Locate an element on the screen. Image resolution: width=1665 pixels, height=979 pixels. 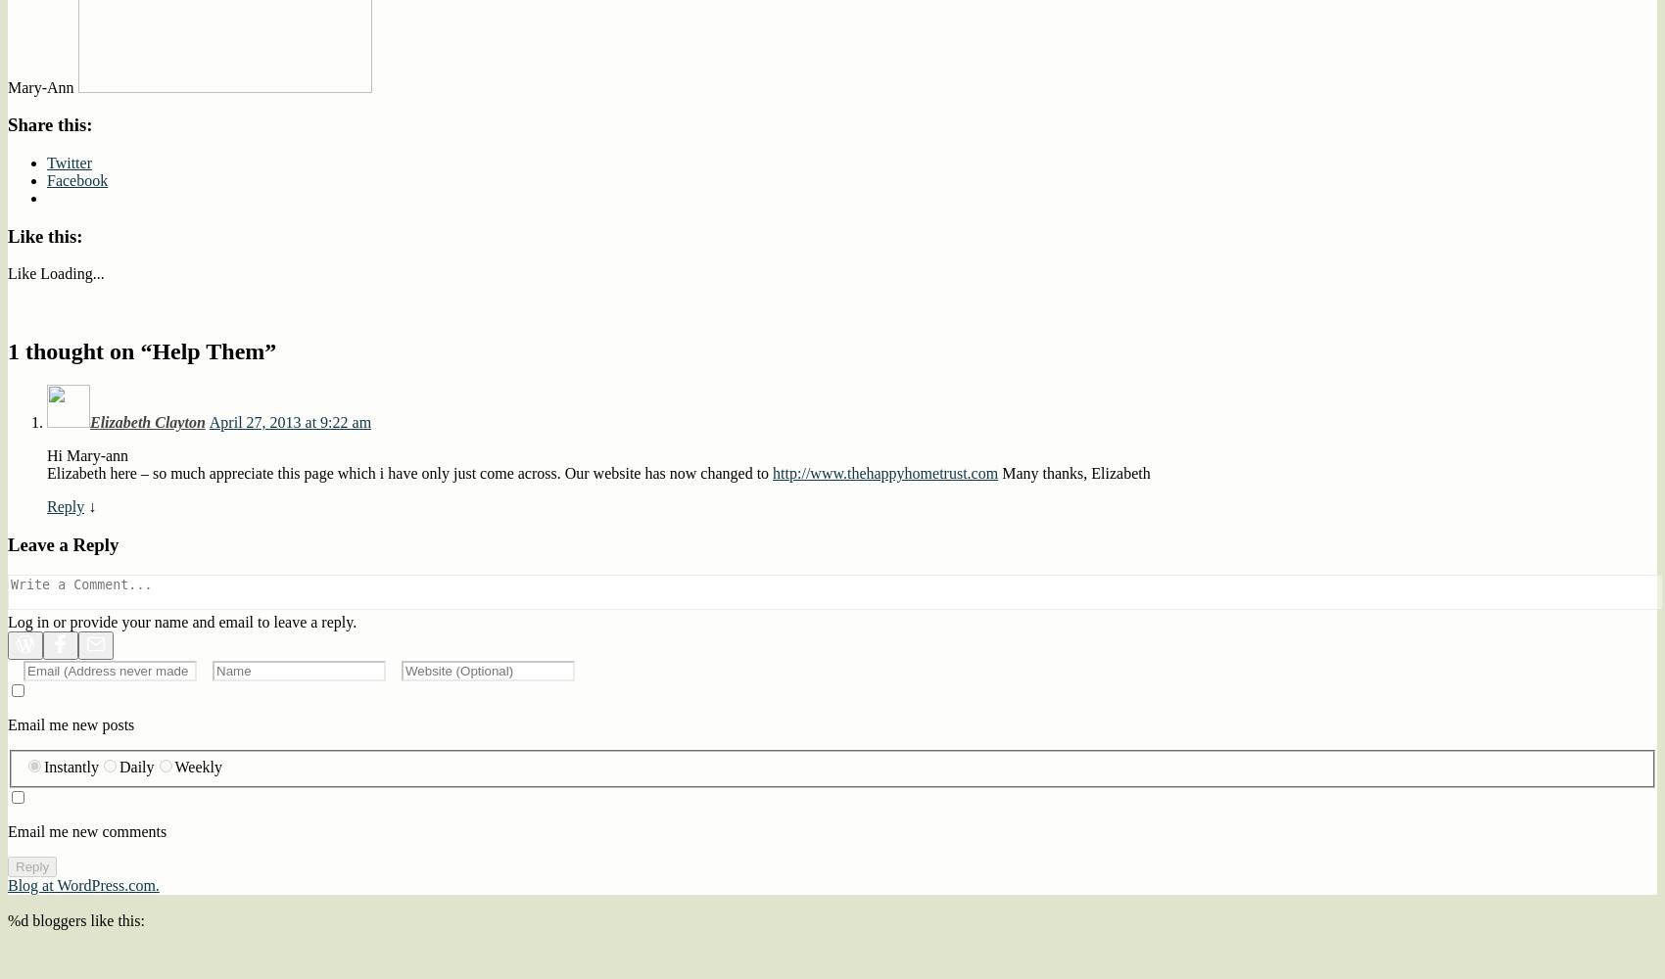
'Daily' is located at coordinates (135, 767).